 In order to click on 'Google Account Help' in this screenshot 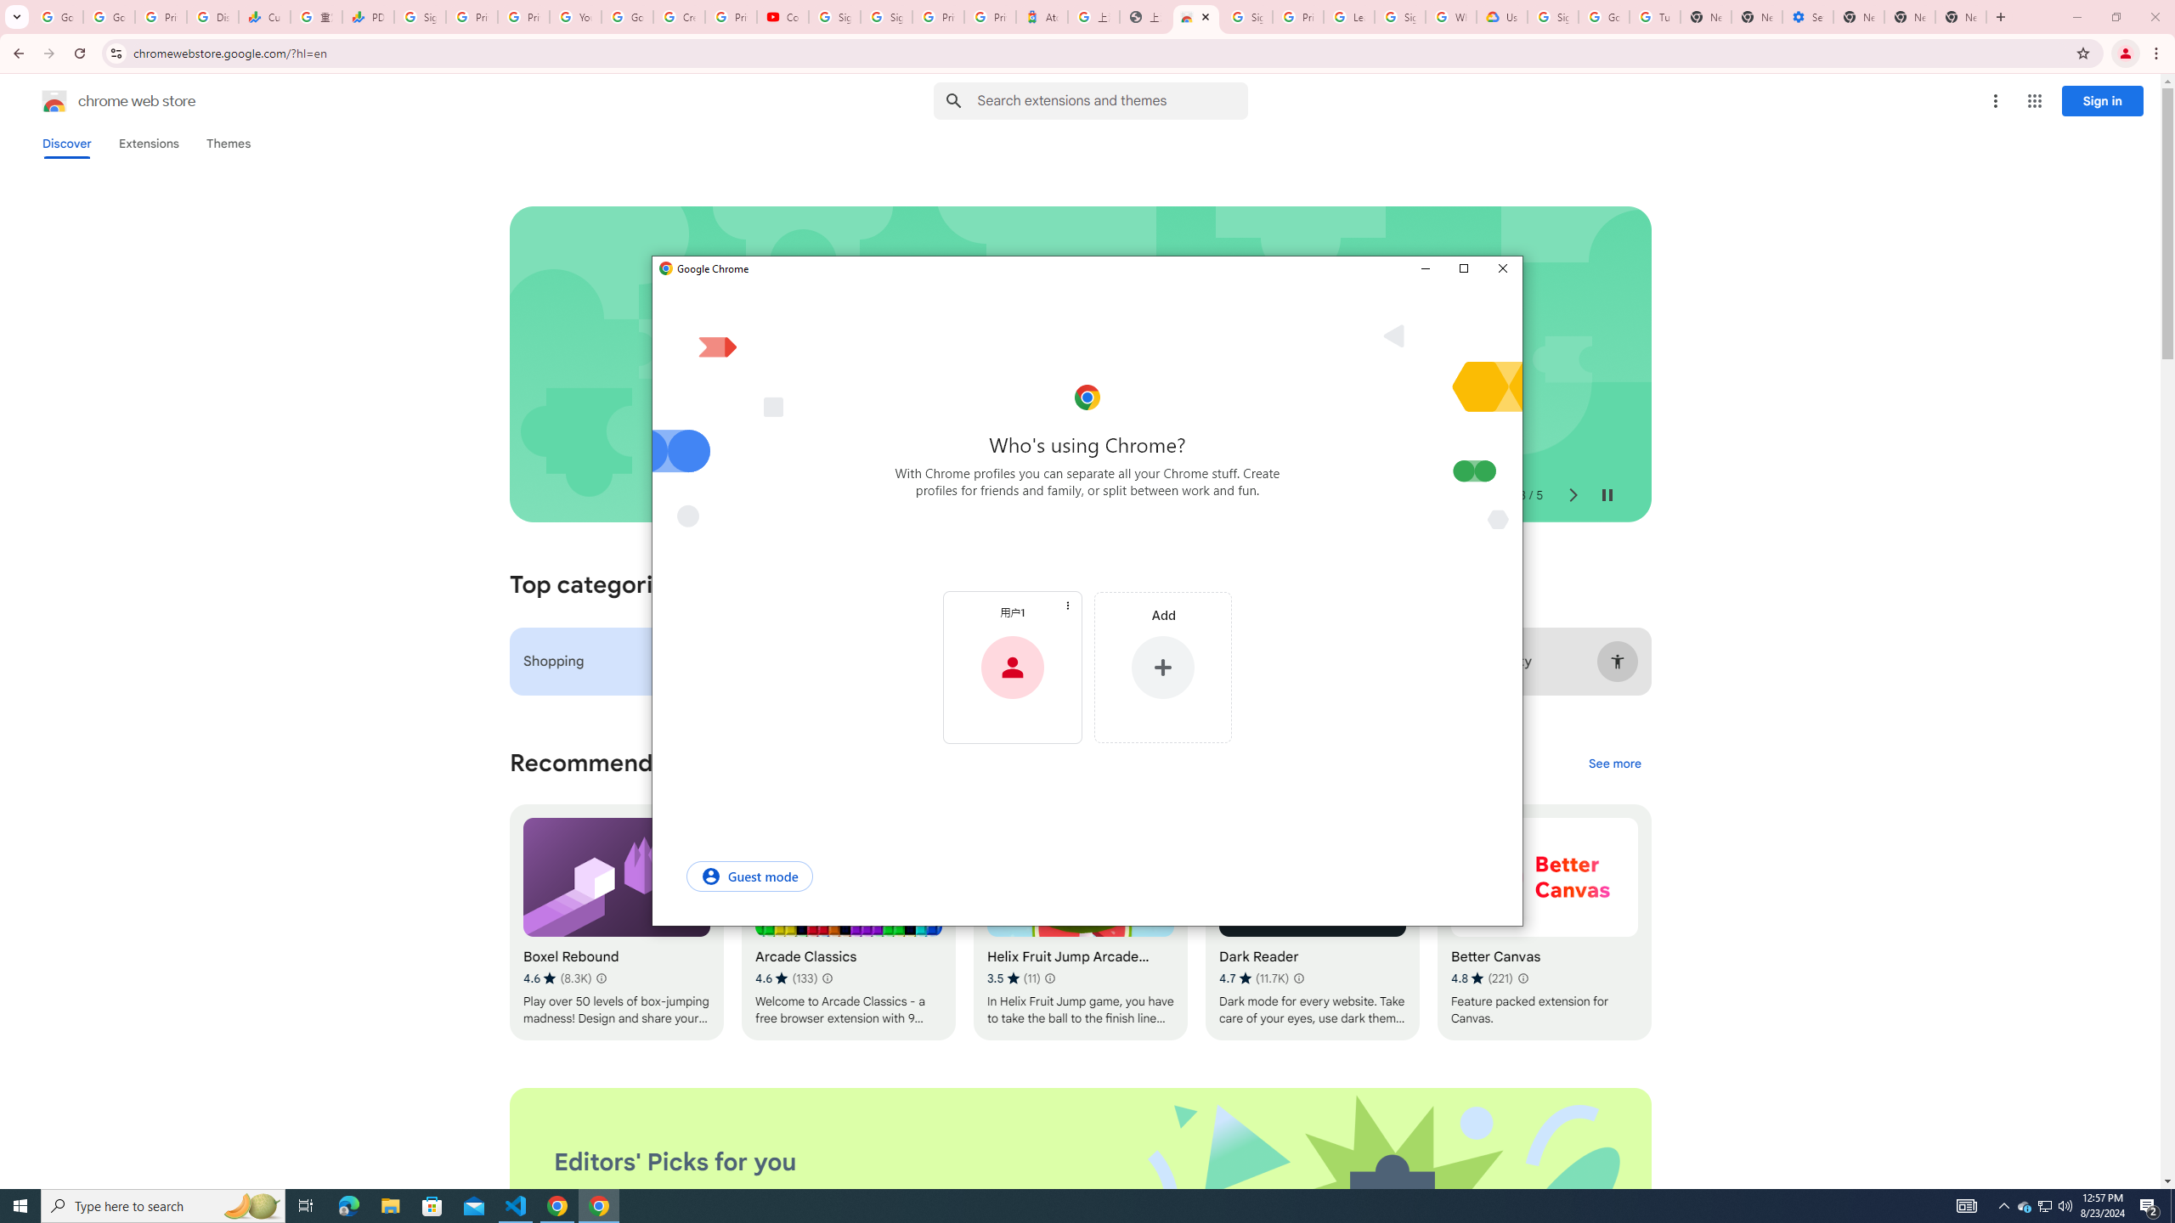, I will do `click(626, 16)`.